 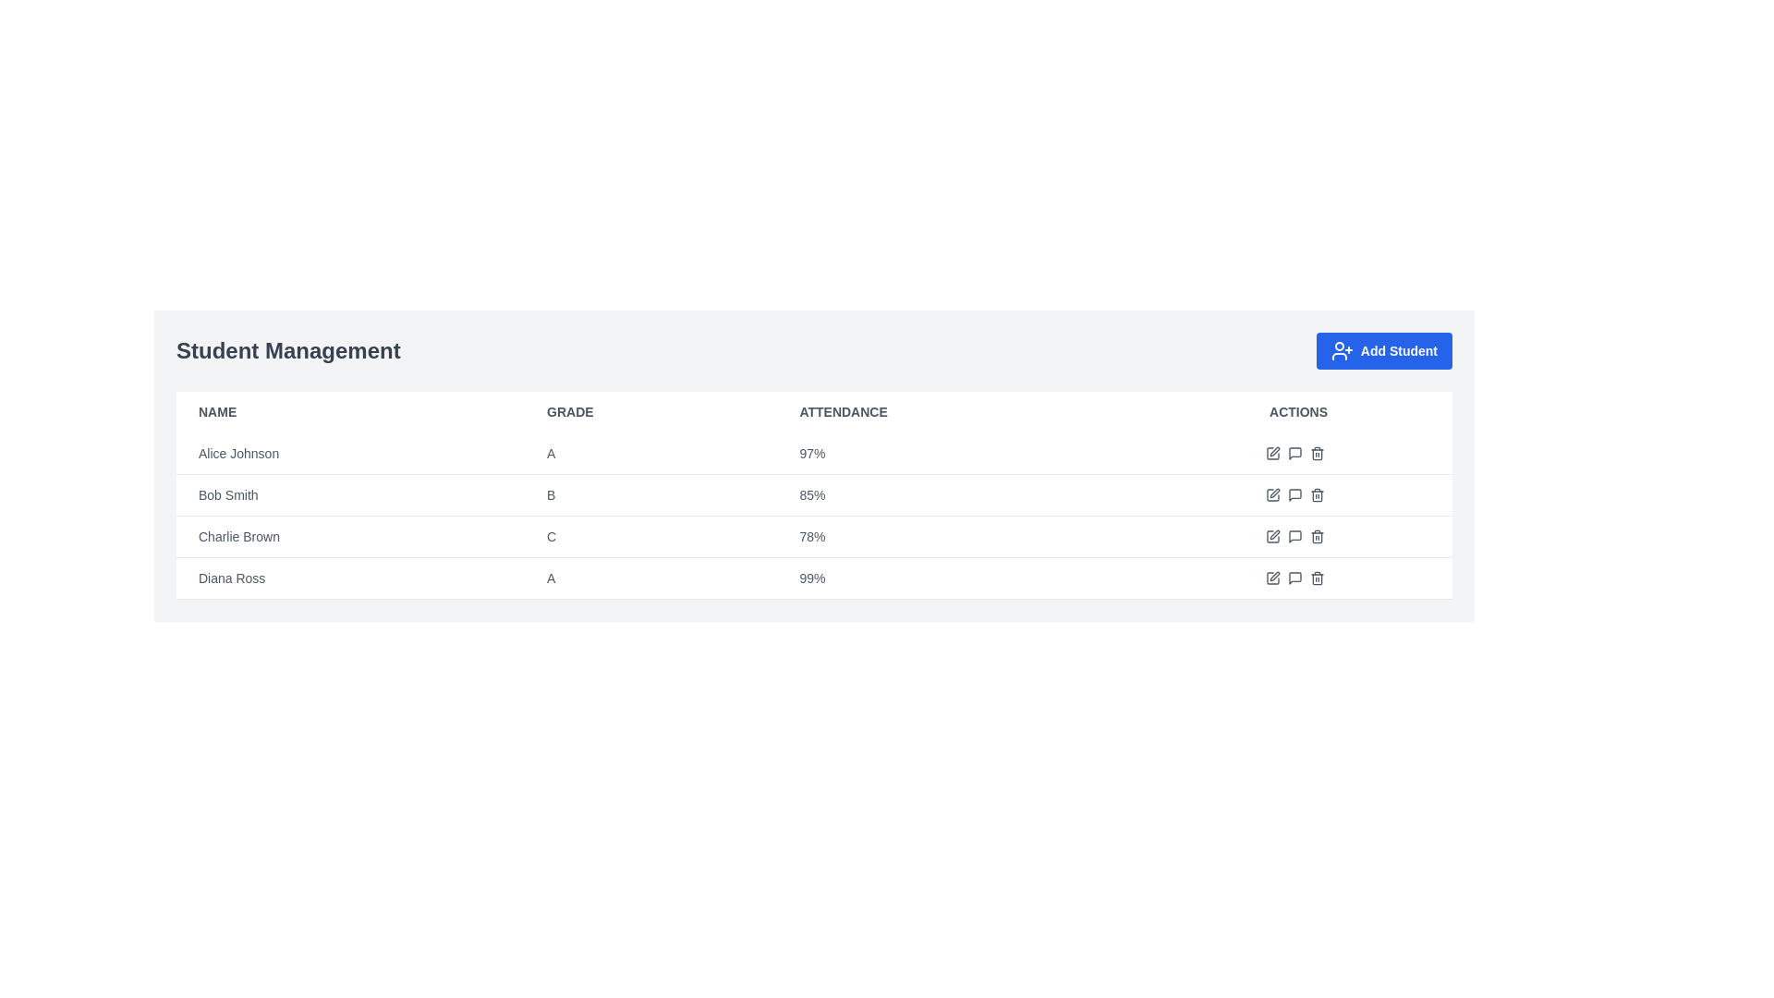 I want to click on the text label indicating 'Diana Ross' located in the fourth row of the 'NAME' column to highlight or select it, so click(x=231, y=577).